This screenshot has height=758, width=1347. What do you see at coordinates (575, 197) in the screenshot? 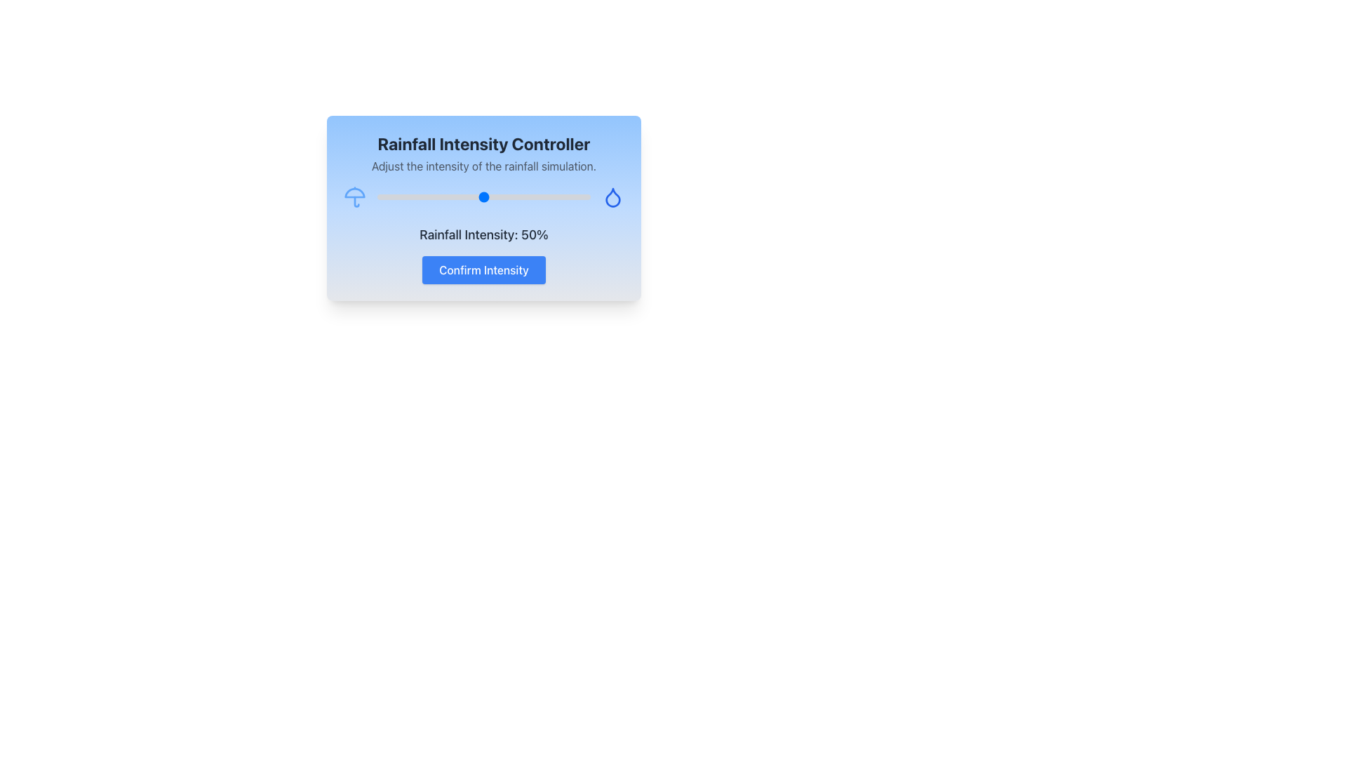
I see `the rainfall intensity` at bounding box center [575, 197].